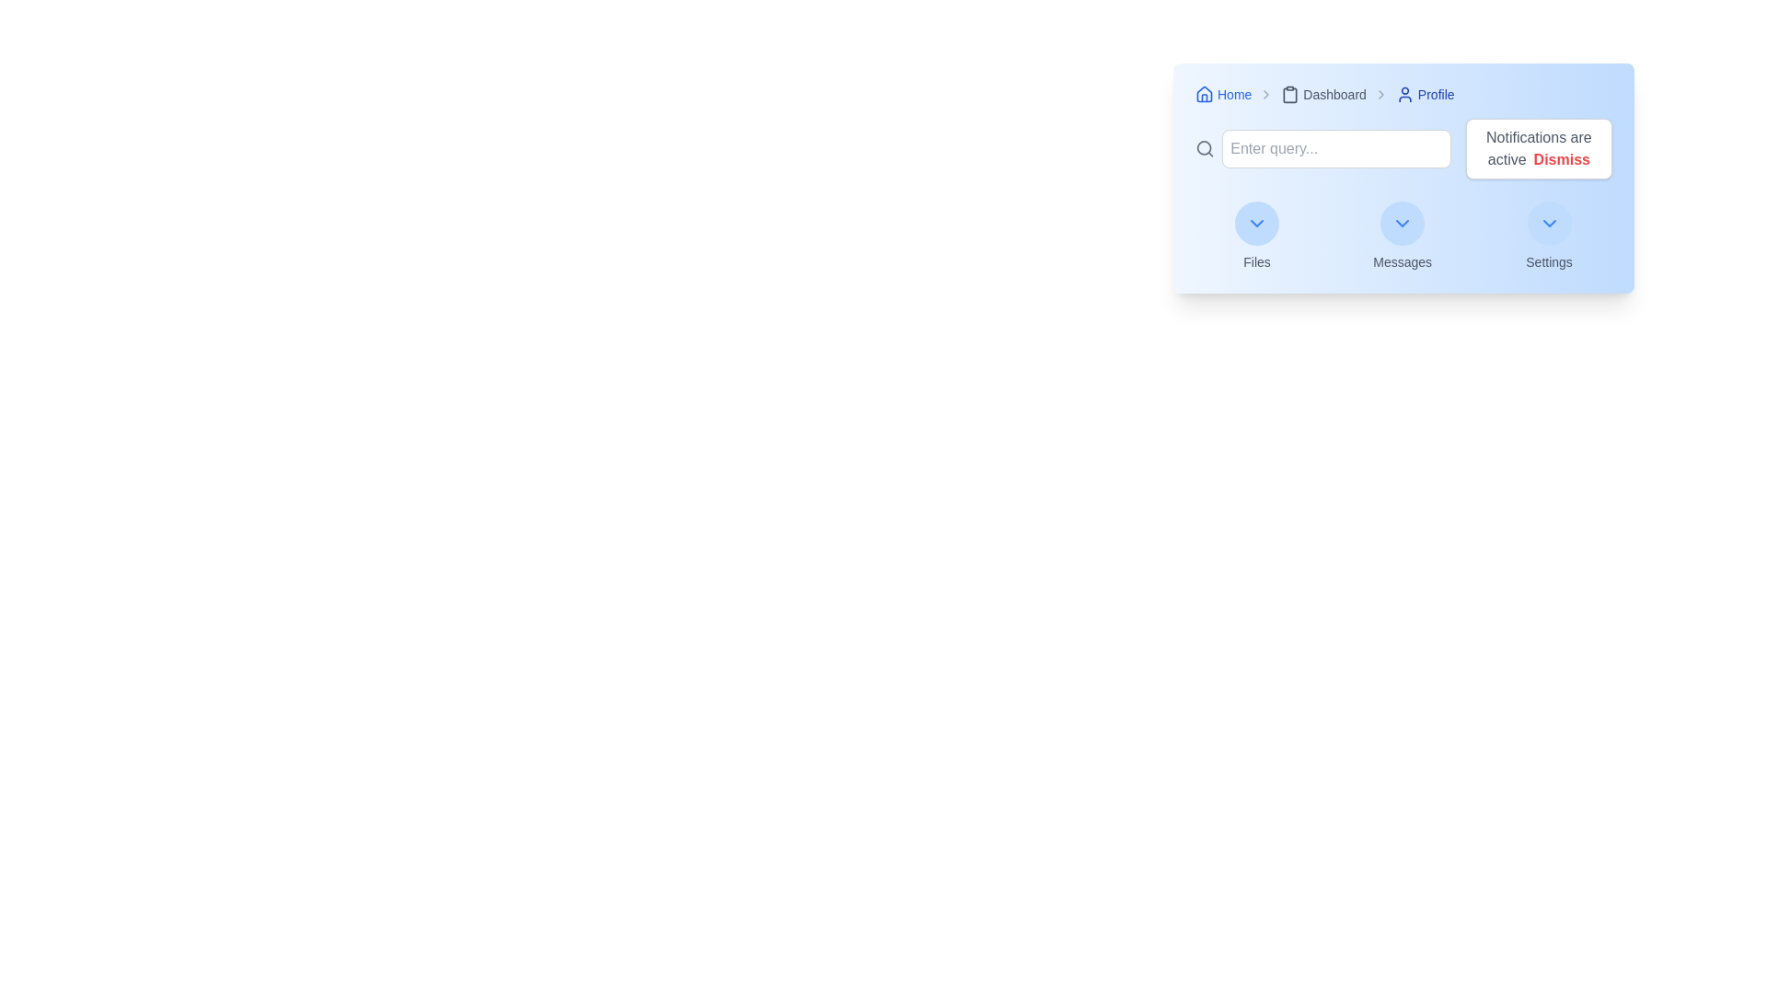  I want to click on the text label that reads 'Files', which is styled in a small light gray font and positioned below a file icon in the user control panel, so click(1256, 262).